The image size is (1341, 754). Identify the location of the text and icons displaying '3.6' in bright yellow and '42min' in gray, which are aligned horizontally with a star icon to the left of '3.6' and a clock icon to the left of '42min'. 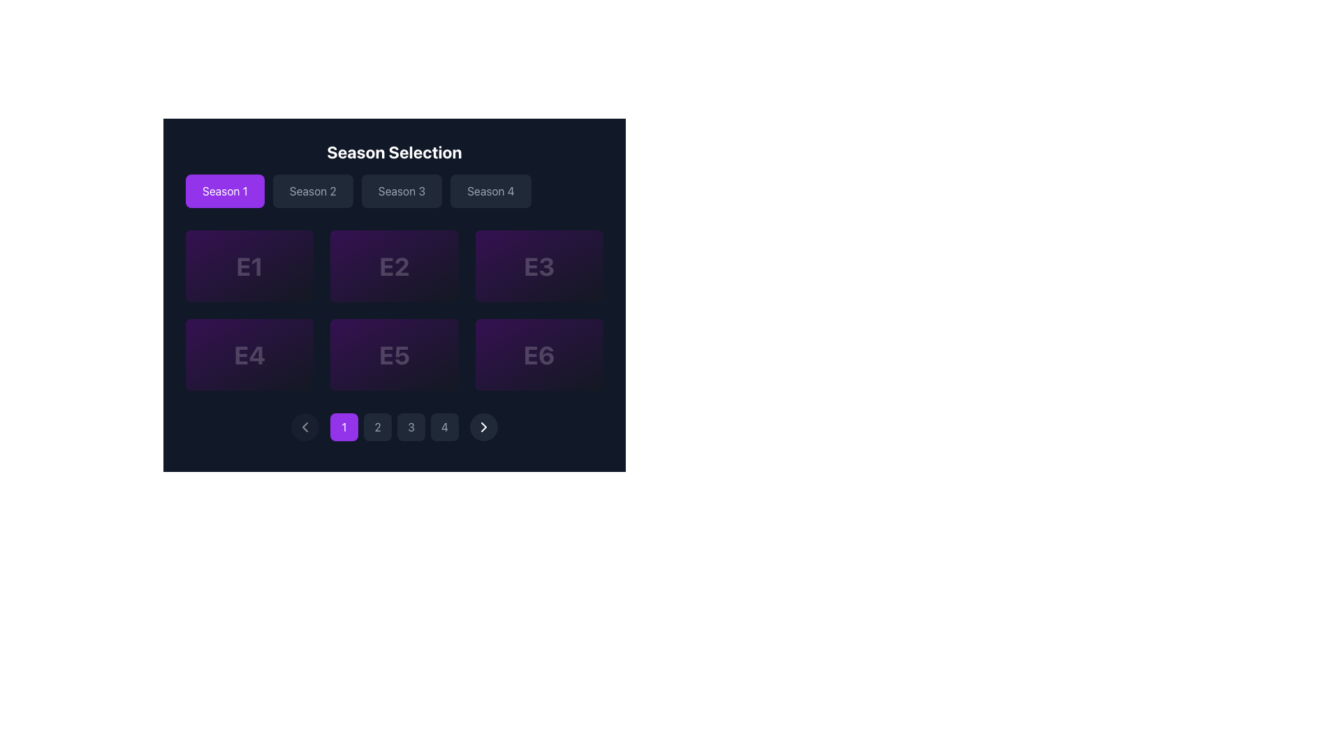
(240, 318).